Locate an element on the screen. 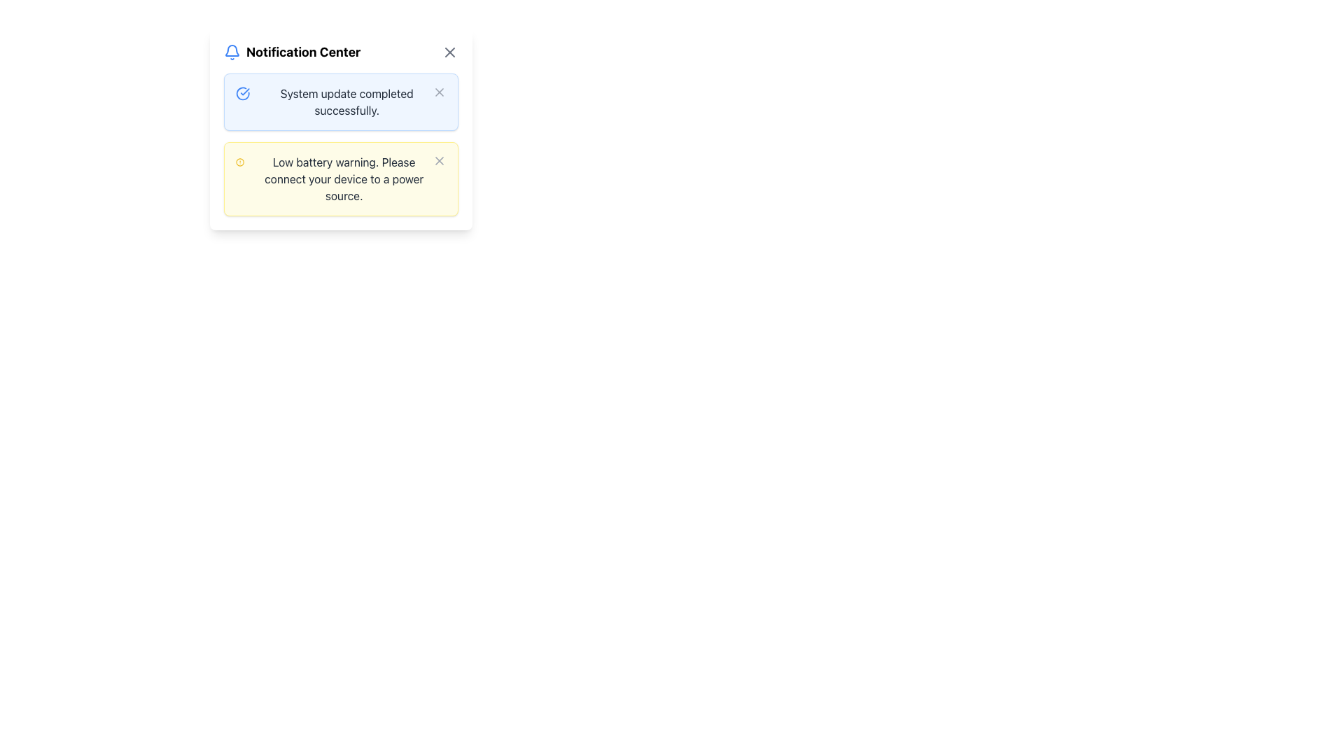 The height and width of the screenshot is (756, 1344). the checkmark icon indicating a completed status within the top notification about 'System update completed successfully.' is located at coordinates (245, 92).